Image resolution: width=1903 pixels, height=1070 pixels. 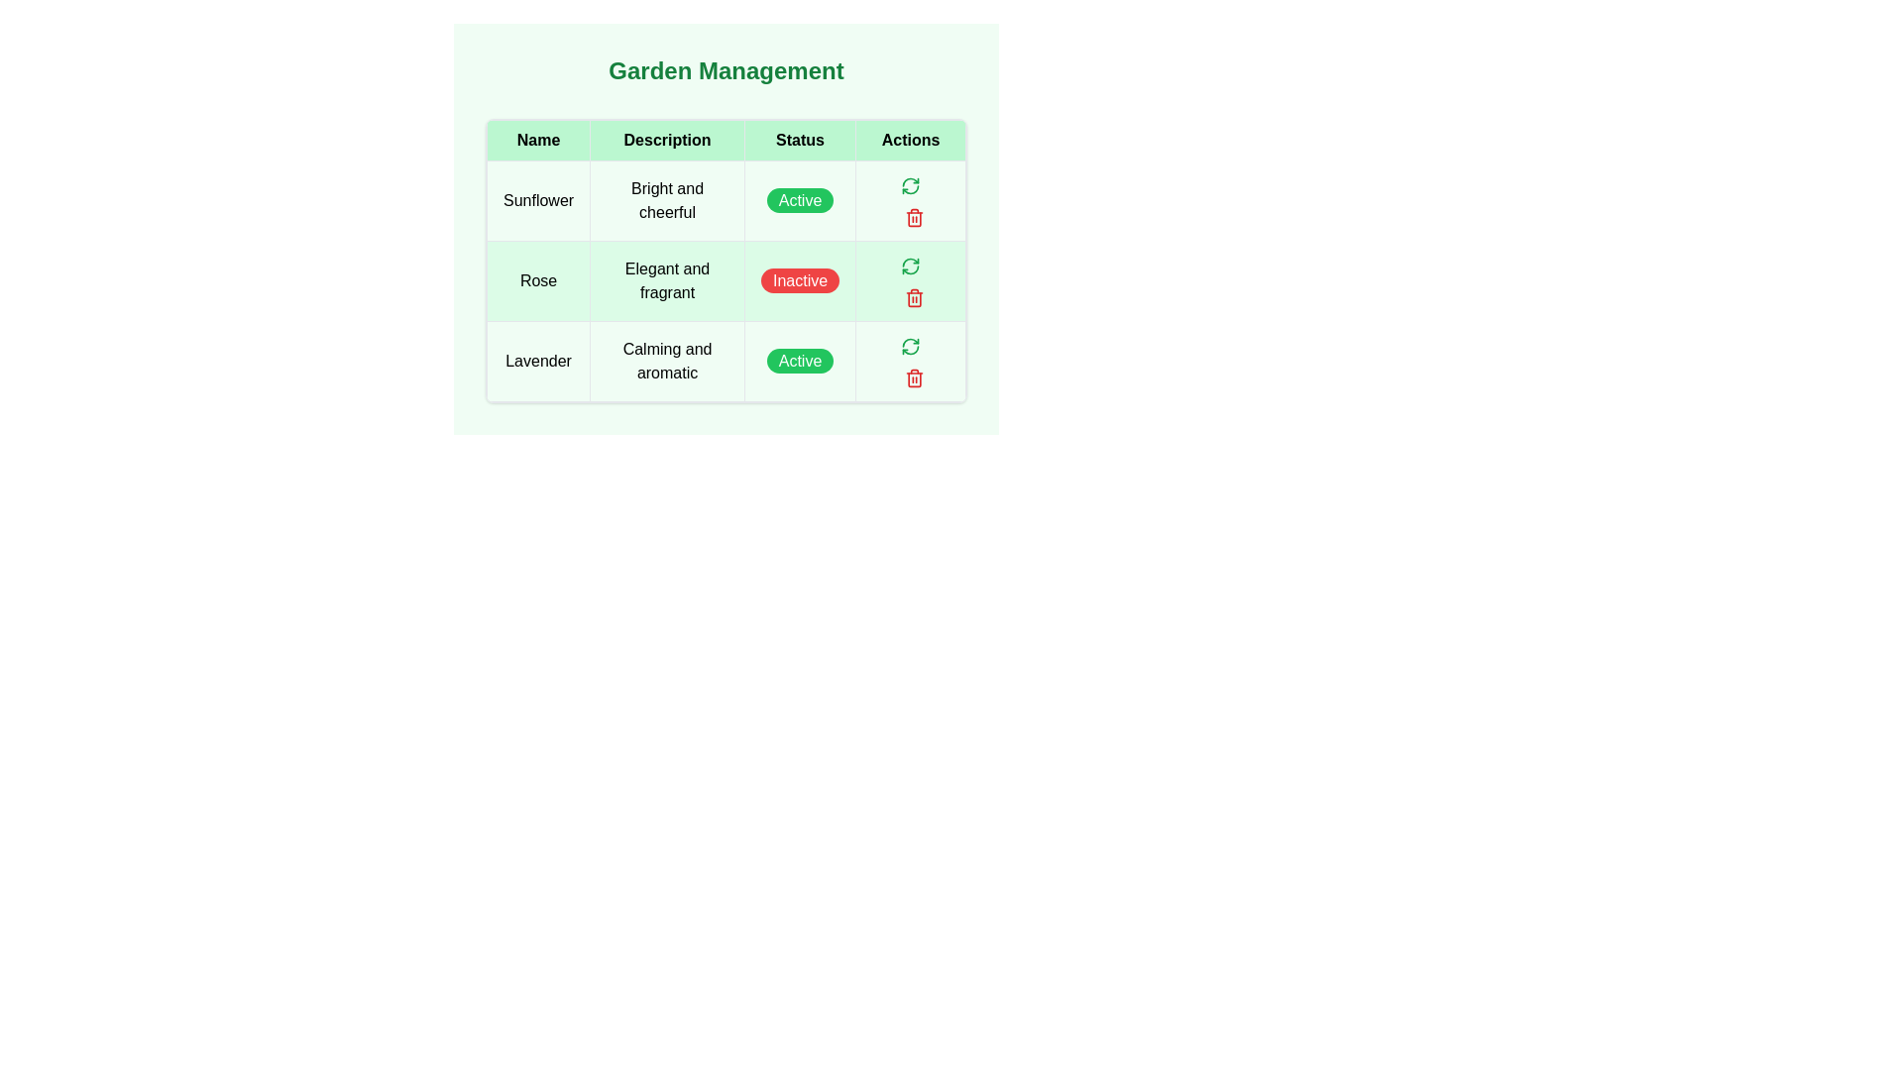 I want to click on the header cell for the 'Description' column in the data table, which is the second cell from the left in the header row, so click(x=667, y=140).